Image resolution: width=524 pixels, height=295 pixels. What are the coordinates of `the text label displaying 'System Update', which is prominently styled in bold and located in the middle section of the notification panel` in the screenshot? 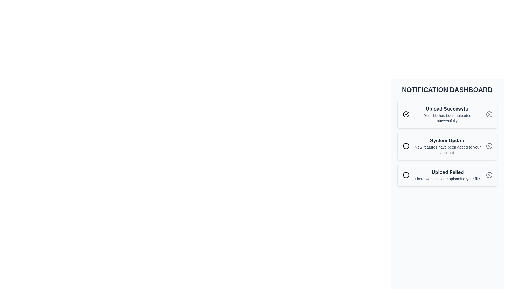 It's located at (448, 140).